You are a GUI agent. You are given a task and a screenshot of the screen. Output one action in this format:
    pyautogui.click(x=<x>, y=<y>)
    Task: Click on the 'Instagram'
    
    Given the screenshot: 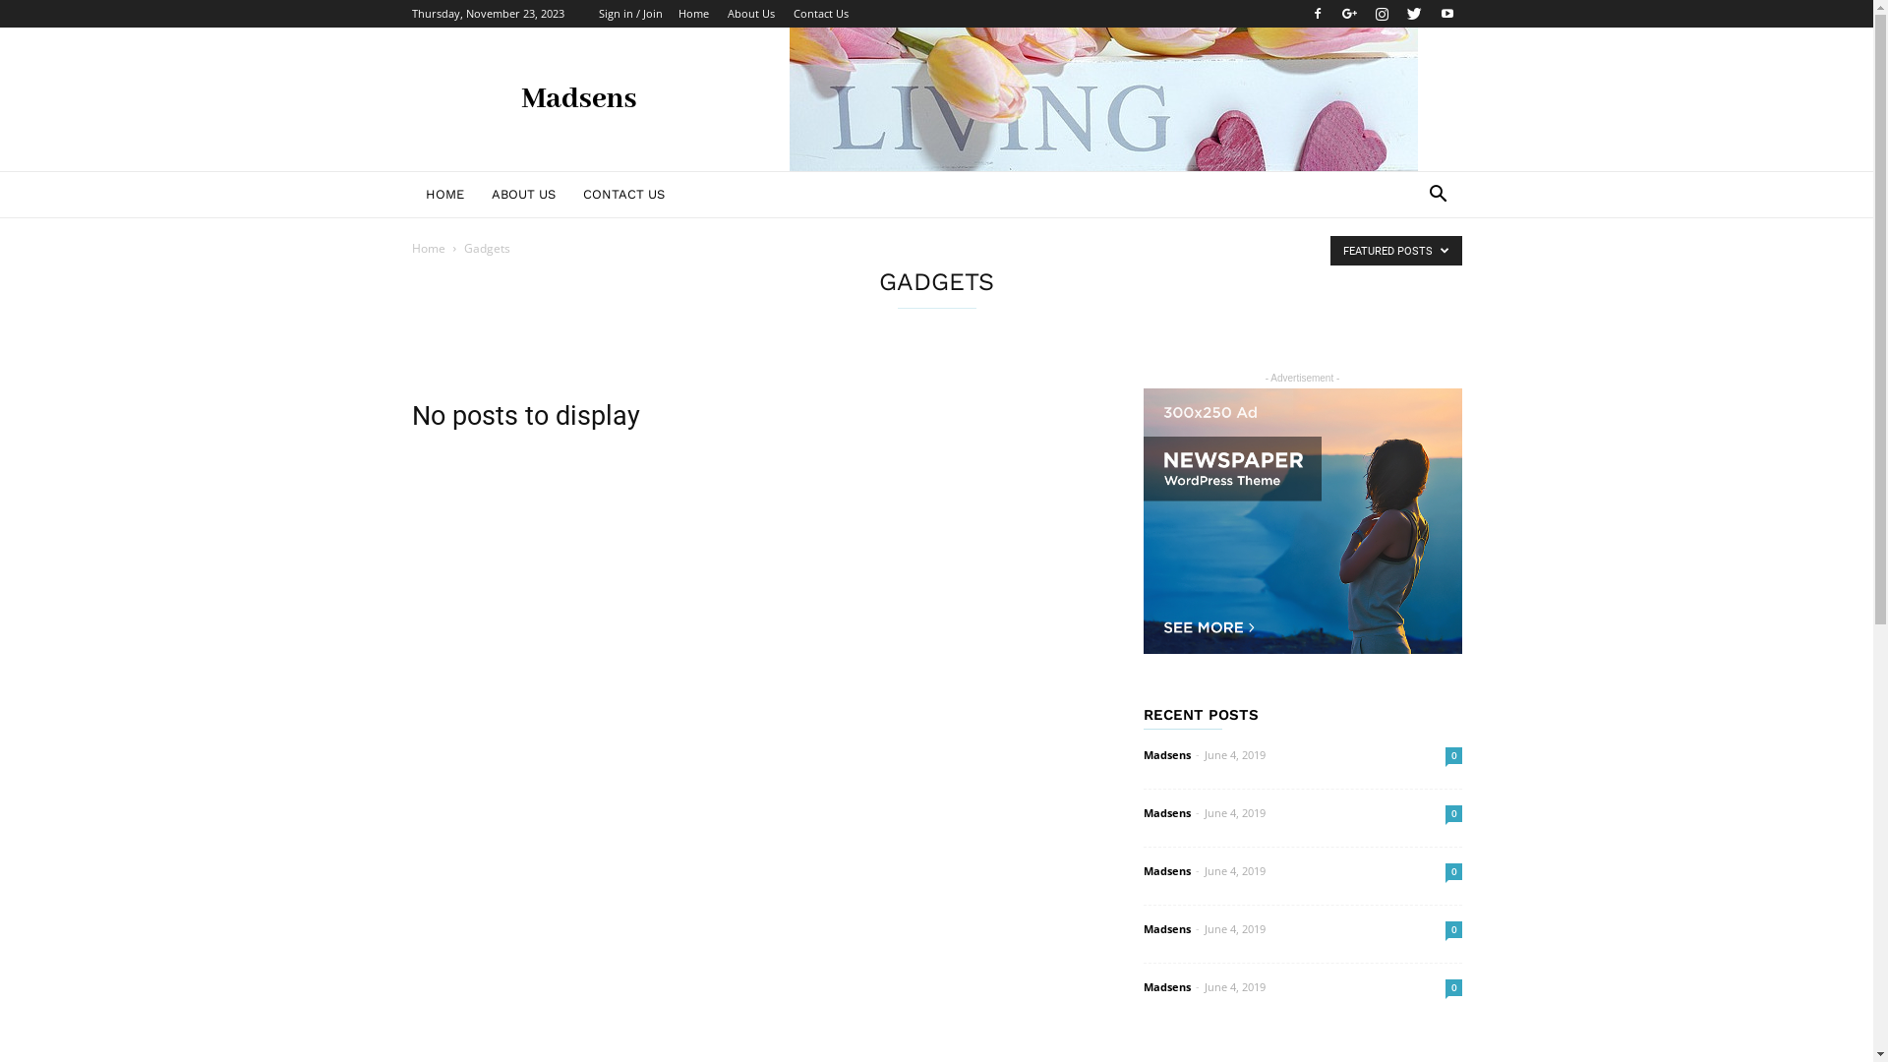 What is the action you would take?
    pyautogui.click(x=1381, y=14)
    